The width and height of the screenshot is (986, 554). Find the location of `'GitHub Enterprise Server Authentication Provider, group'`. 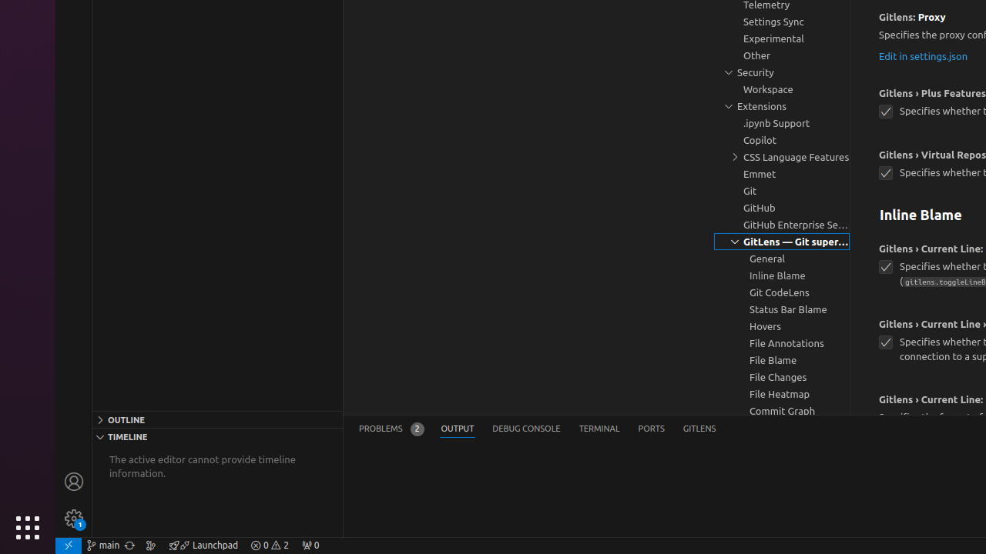

'GitHub Enterprise Server Authentication Provider, group' is located at coordinates (782, 225).